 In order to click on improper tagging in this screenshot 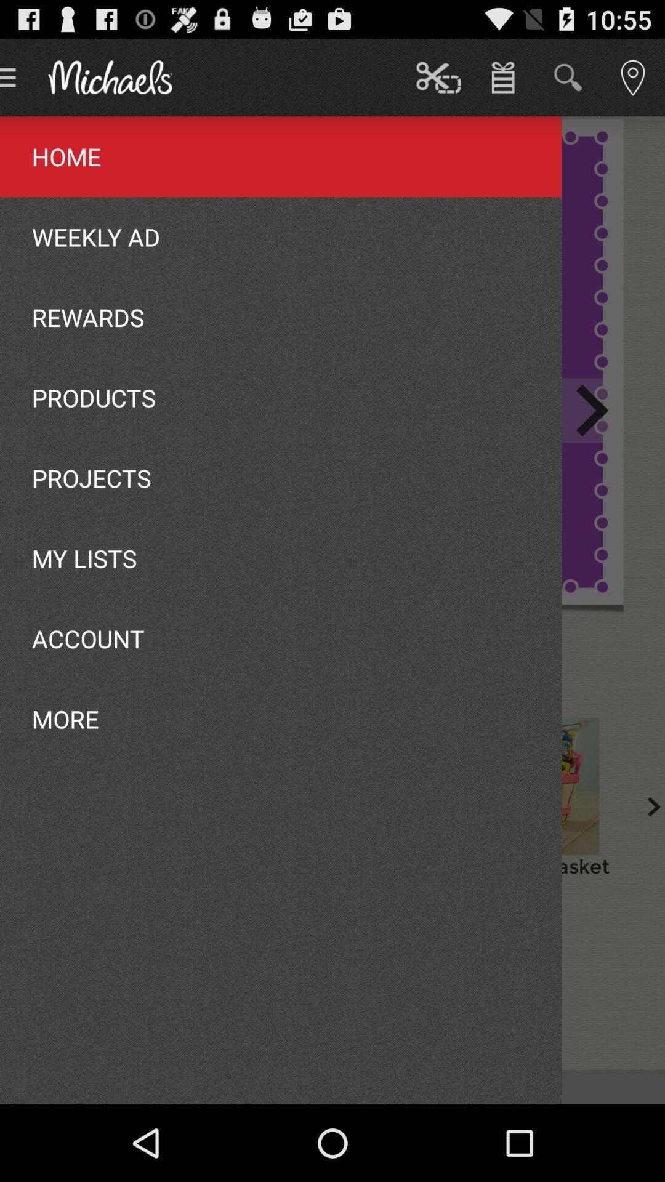, I will do `click(542, 786)`.